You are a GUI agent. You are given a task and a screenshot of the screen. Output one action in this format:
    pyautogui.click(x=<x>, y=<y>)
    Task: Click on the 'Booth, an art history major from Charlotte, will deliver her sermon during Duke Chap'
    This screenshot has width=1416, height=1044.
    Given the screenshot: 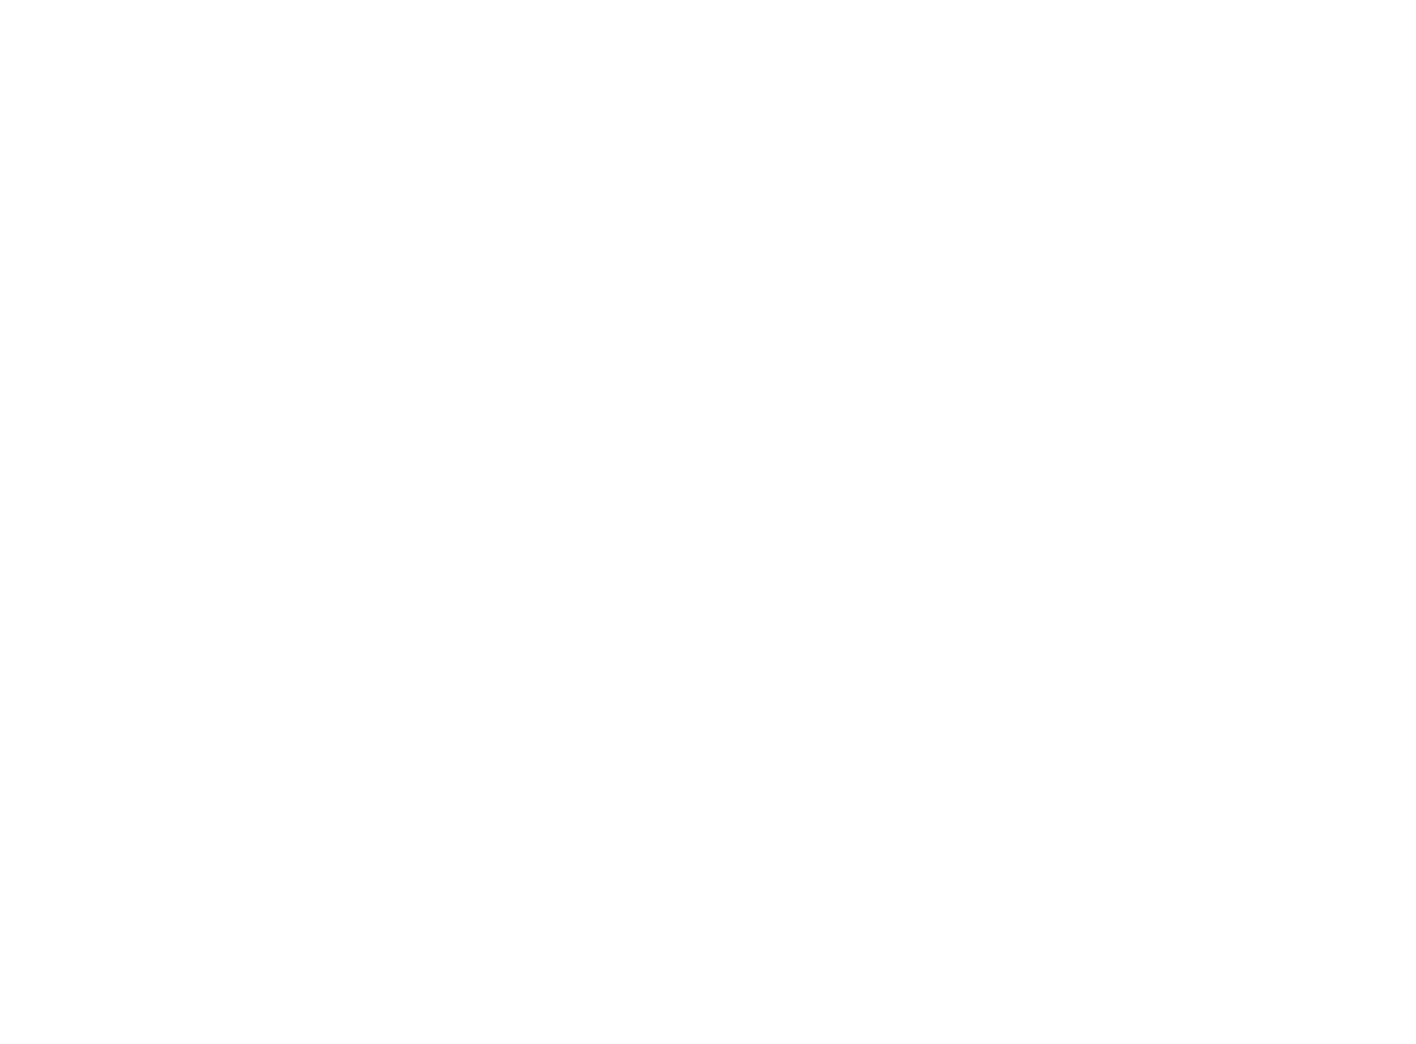 What is the action you would take?
    pyautogui.click(x=699, y=352)
    